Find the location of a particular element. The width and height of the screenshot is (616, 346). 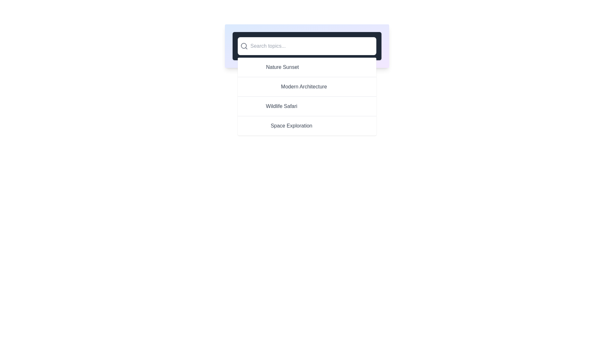

emoji symbol that appears to the left of the text 'Wildlife Safari' in the third list item, styled with a larger font size is located at coordinates (251, 106).